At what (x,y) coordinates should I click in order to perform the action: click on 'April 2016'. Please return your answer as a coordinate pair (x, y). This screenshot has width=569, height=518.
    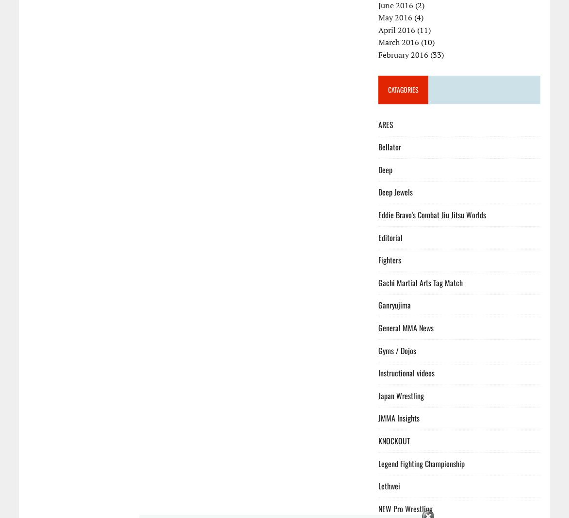
    Looking at the image, I should click on (397, 29).